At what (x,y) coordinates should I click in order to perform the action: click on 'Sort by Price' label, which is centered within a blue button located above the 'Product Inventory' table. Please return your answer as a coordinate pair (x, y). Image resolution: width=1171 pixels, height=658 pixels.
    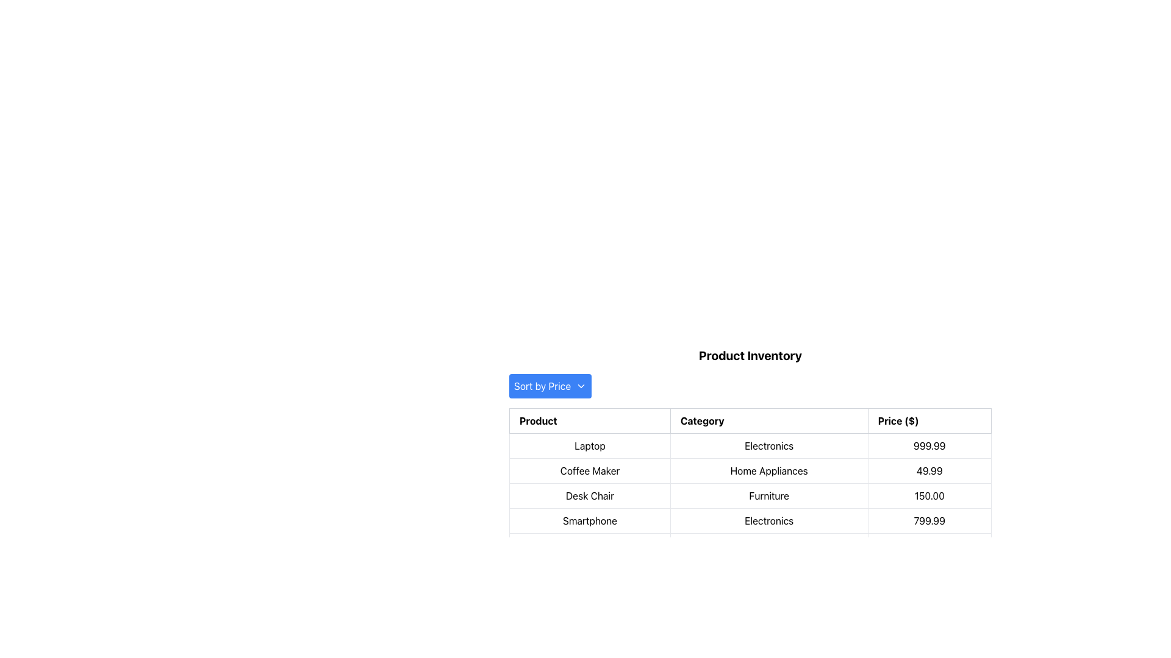
    Looking at the image, I should click on (542, 386).